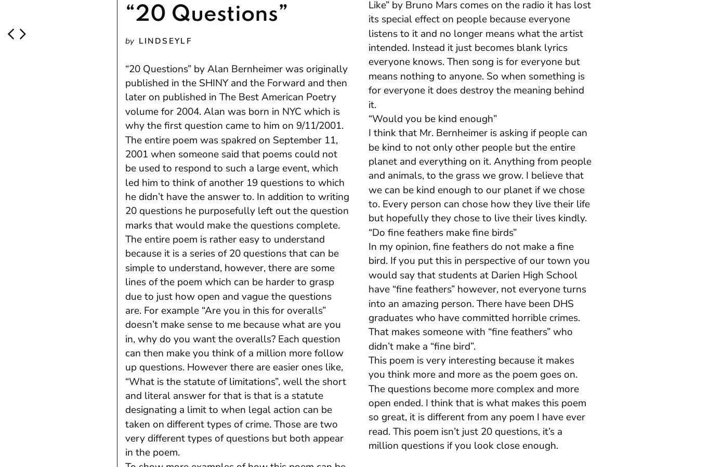 The image size is (710, 467). I want to click on '“Would you be kind enough”', so click(431, 118).